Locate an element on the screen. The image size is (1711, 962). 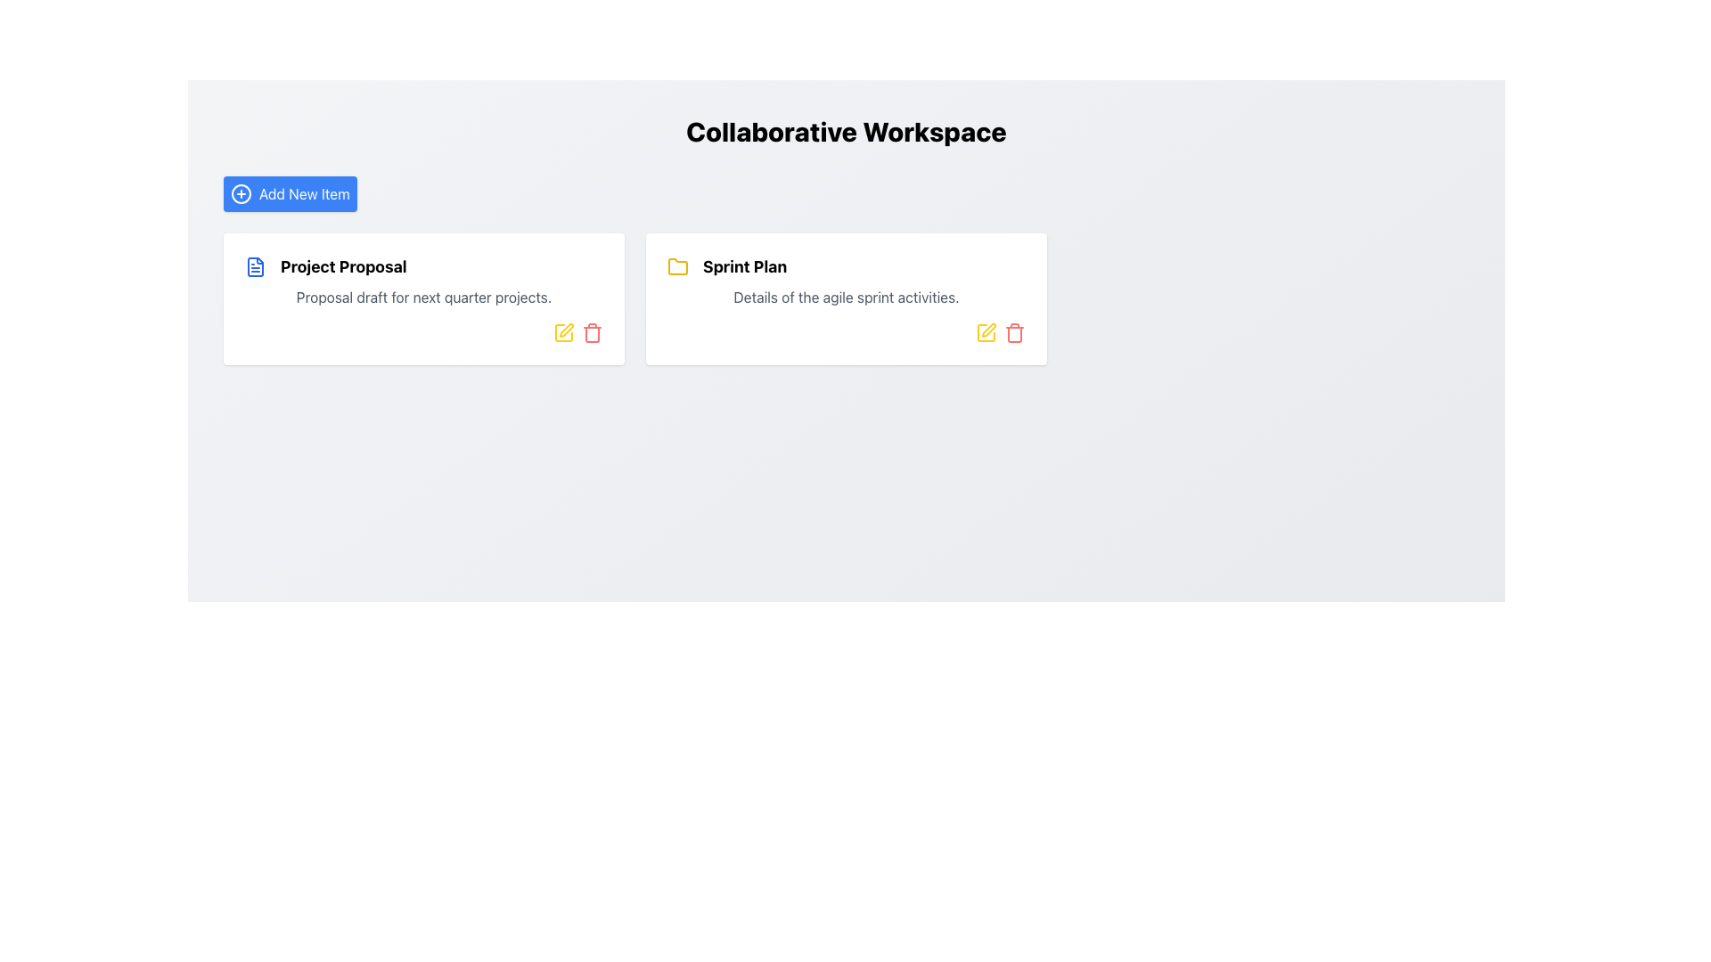
the circular plus icon located to the left of the 'Add New Item' text within the blue rectangle at the top left of the interface is located at coordinates (240, 194).